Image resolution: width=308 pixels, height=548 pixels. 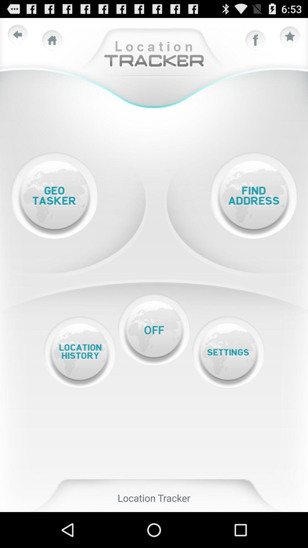 I want to click on share in facebook, so click(x=255, y=40).